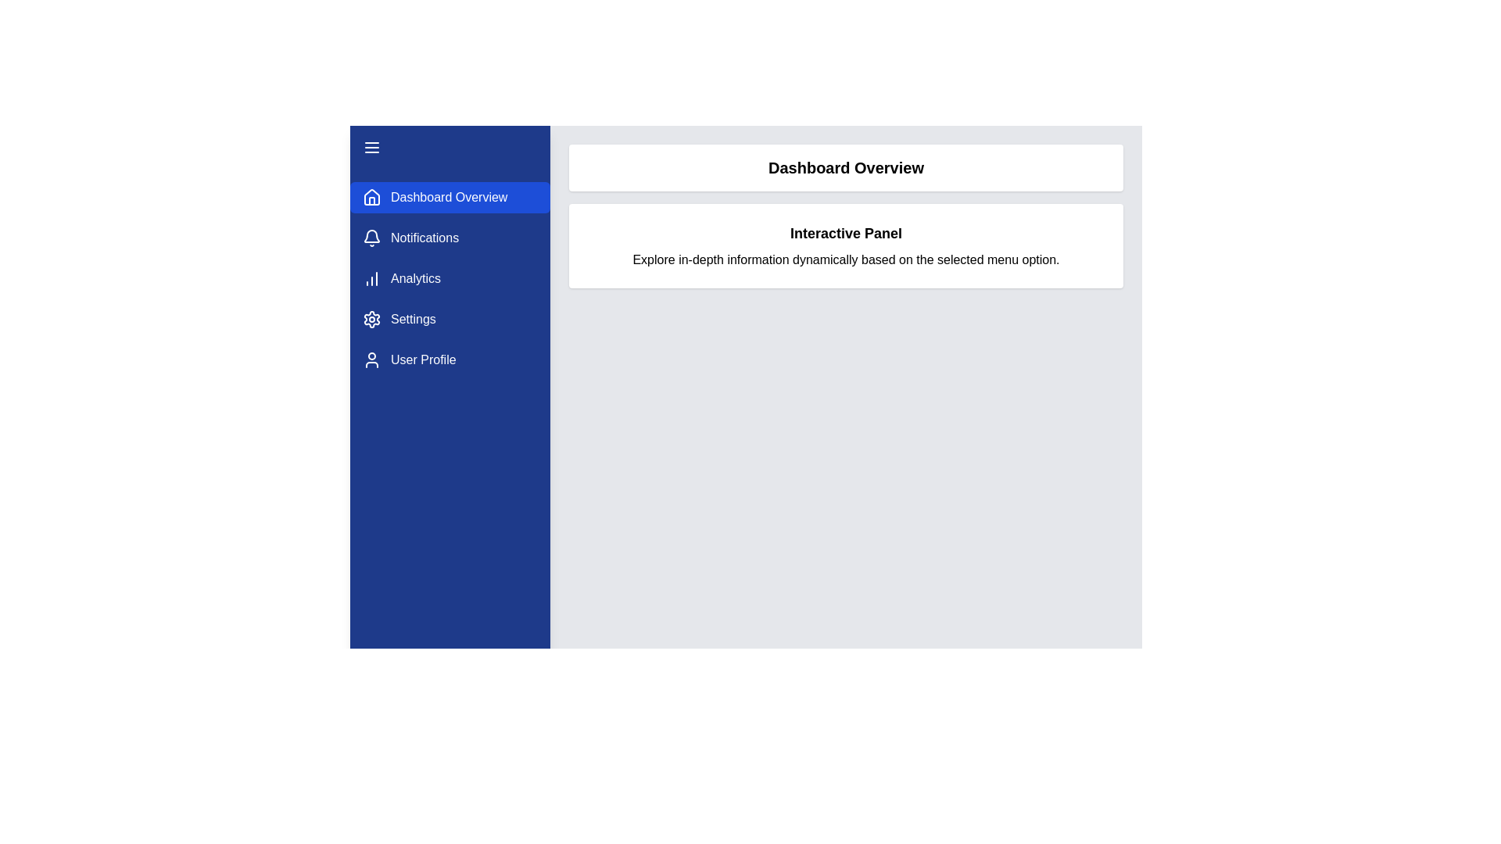  Describe the element at coordinates (371, 318) in the screenshot. I see `the settings icon, which is a gear-like icon located in the sidebar menu under the label 'Settings'` at that location.